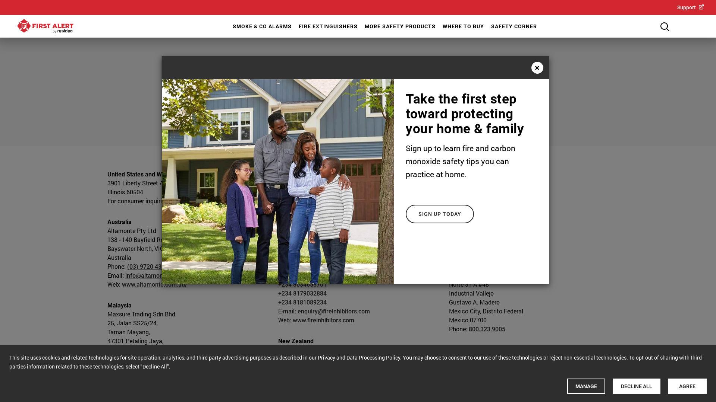  I want to click on 'MORE SAFETY PRODUCTS', so click(363, 26).